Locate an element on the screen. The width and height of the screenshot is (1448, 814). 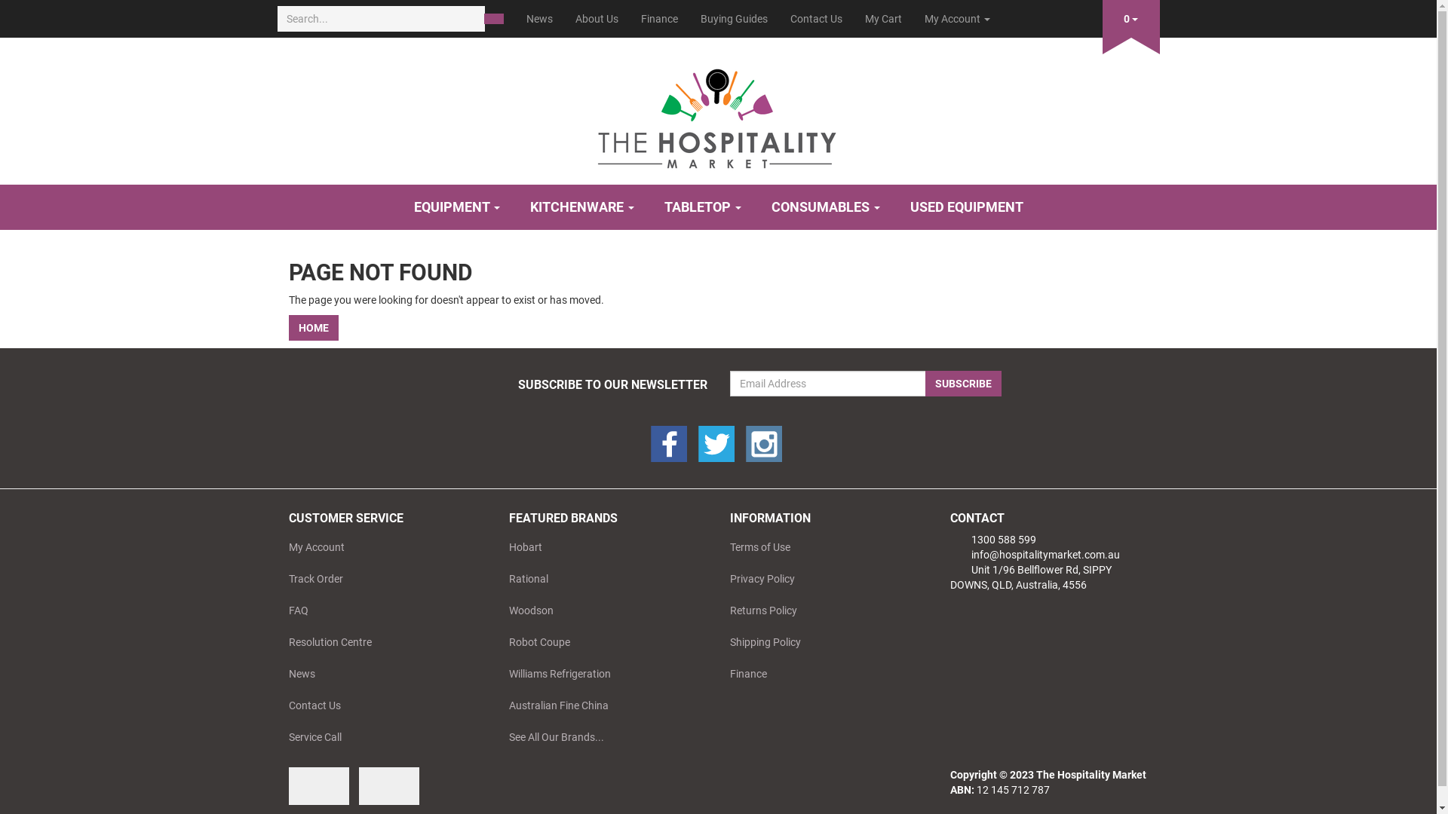
'0' is located at coordinates (1103, 15).